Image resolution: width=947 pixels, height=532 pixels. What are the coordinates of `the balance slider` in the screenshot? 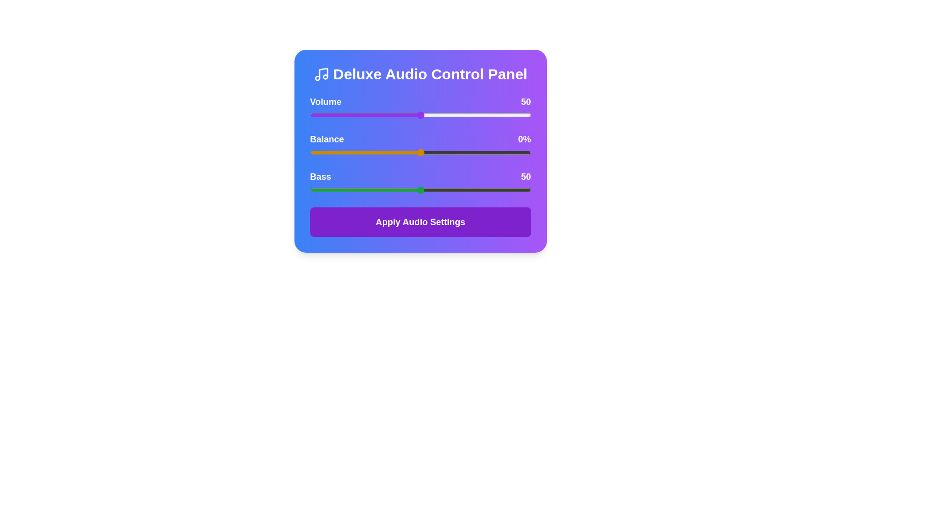 It's located at (375, 152).